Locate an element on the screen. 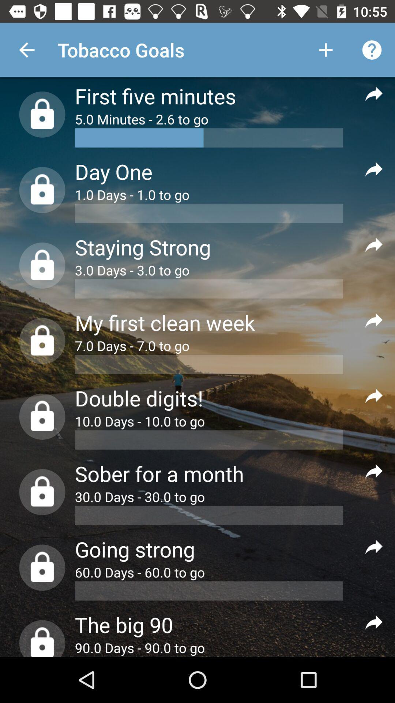 Image resolution: width=395 pixels, height=703 pixels. click for more info is located at coordinates (374, 244).